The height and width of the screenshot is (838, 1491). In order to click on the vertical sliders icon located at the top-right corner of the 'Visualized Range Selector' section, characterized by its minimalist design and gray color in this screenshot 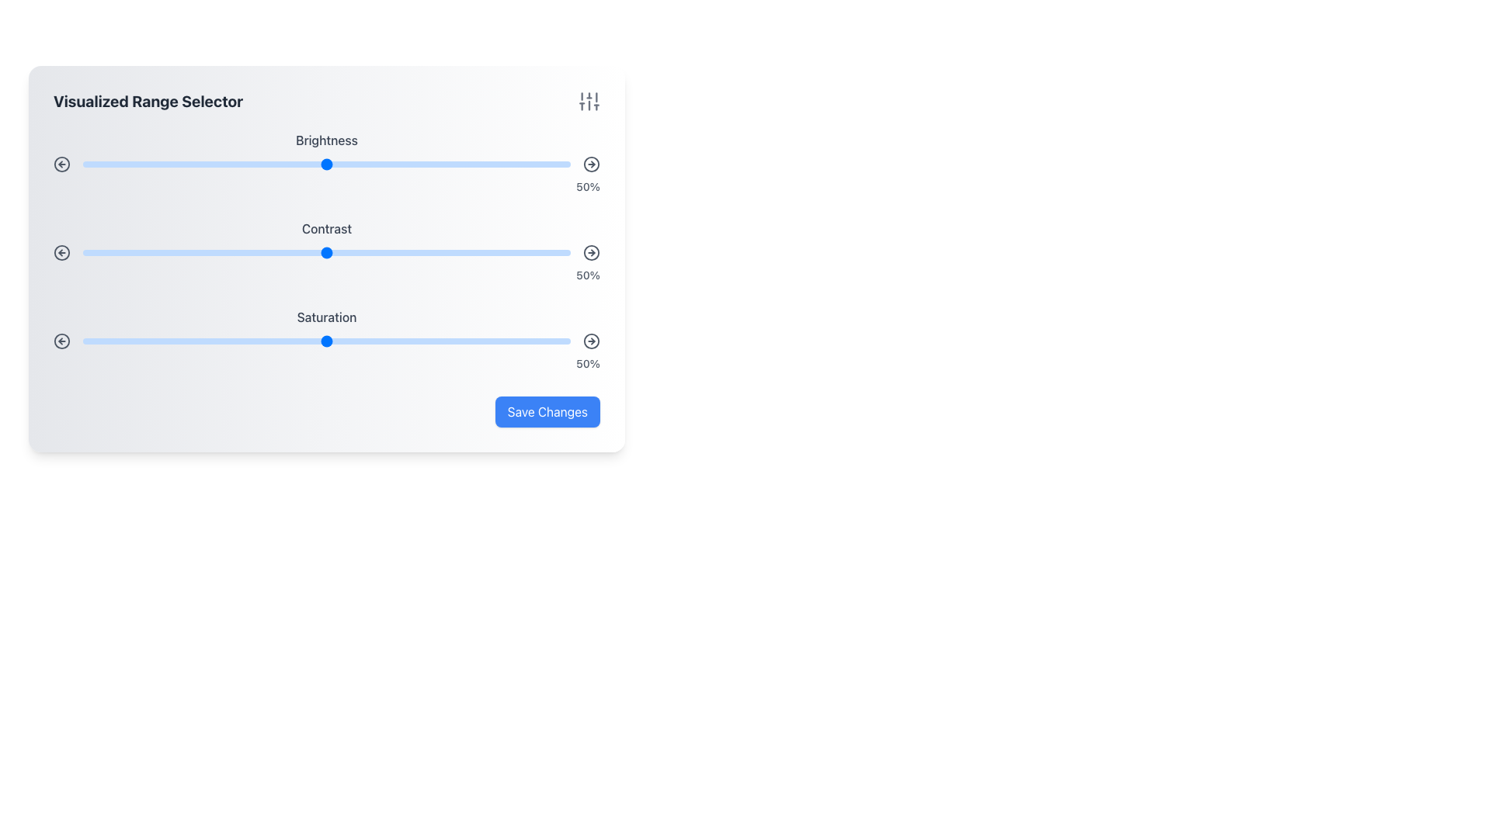, I will do `click(588, 102)`.